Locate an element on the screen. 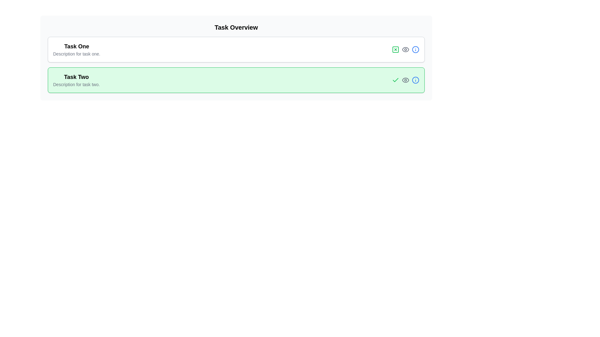 This screenshot has width=600, height=337. the text label displaying 'Description for task two.' which is styled in a smaller font size with gray coloring, located below the title 'Task Two' is located at coordinates (76, 84).